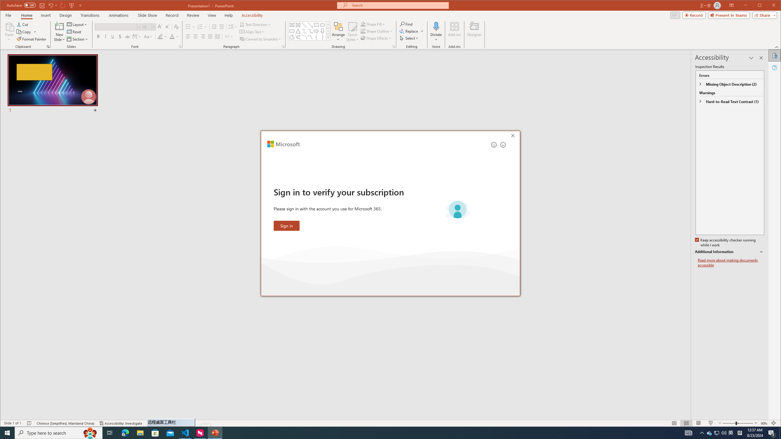 This screenshot has height=439, width=781. I want to click on 'Additional Information', so click(730, 252).